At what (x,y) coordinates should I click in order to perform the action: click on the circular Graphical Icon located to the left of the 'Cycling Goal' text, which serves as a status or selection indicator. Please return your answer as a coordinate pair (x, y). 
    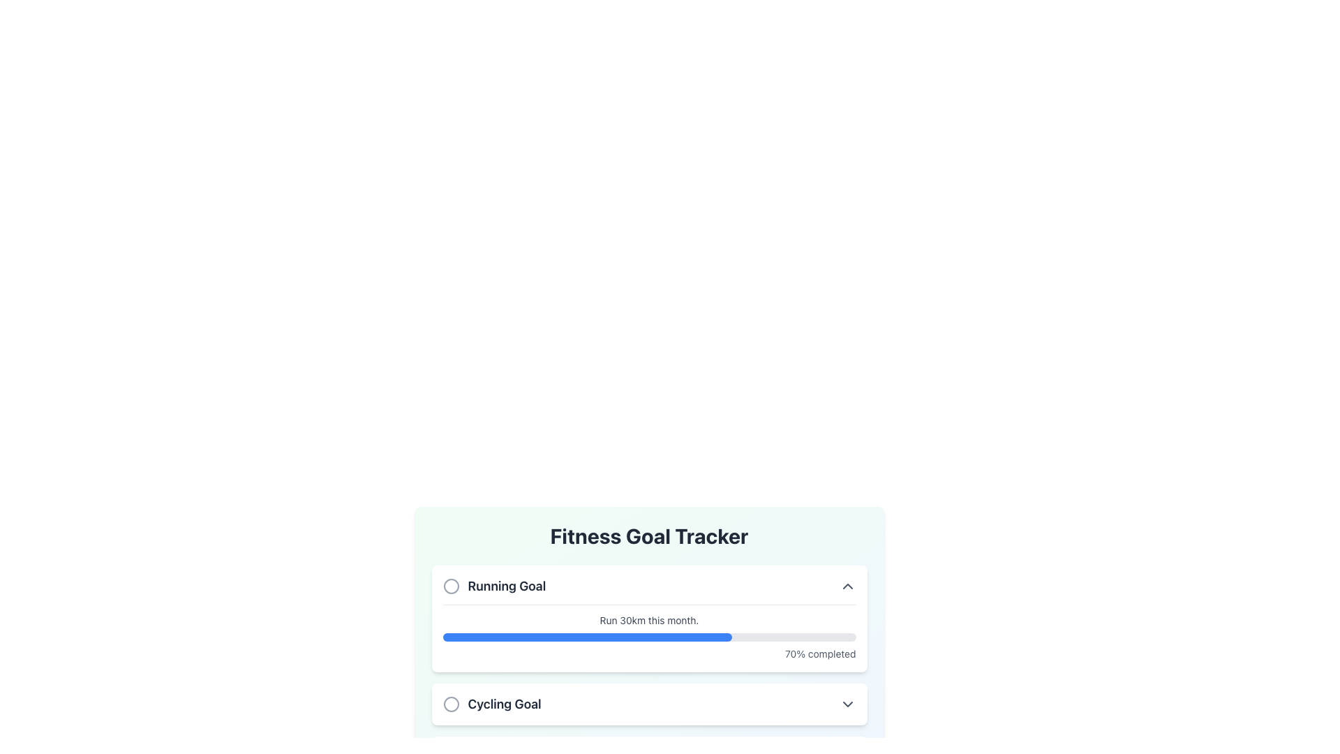
    Looking at the image, I should click on (451, 704).